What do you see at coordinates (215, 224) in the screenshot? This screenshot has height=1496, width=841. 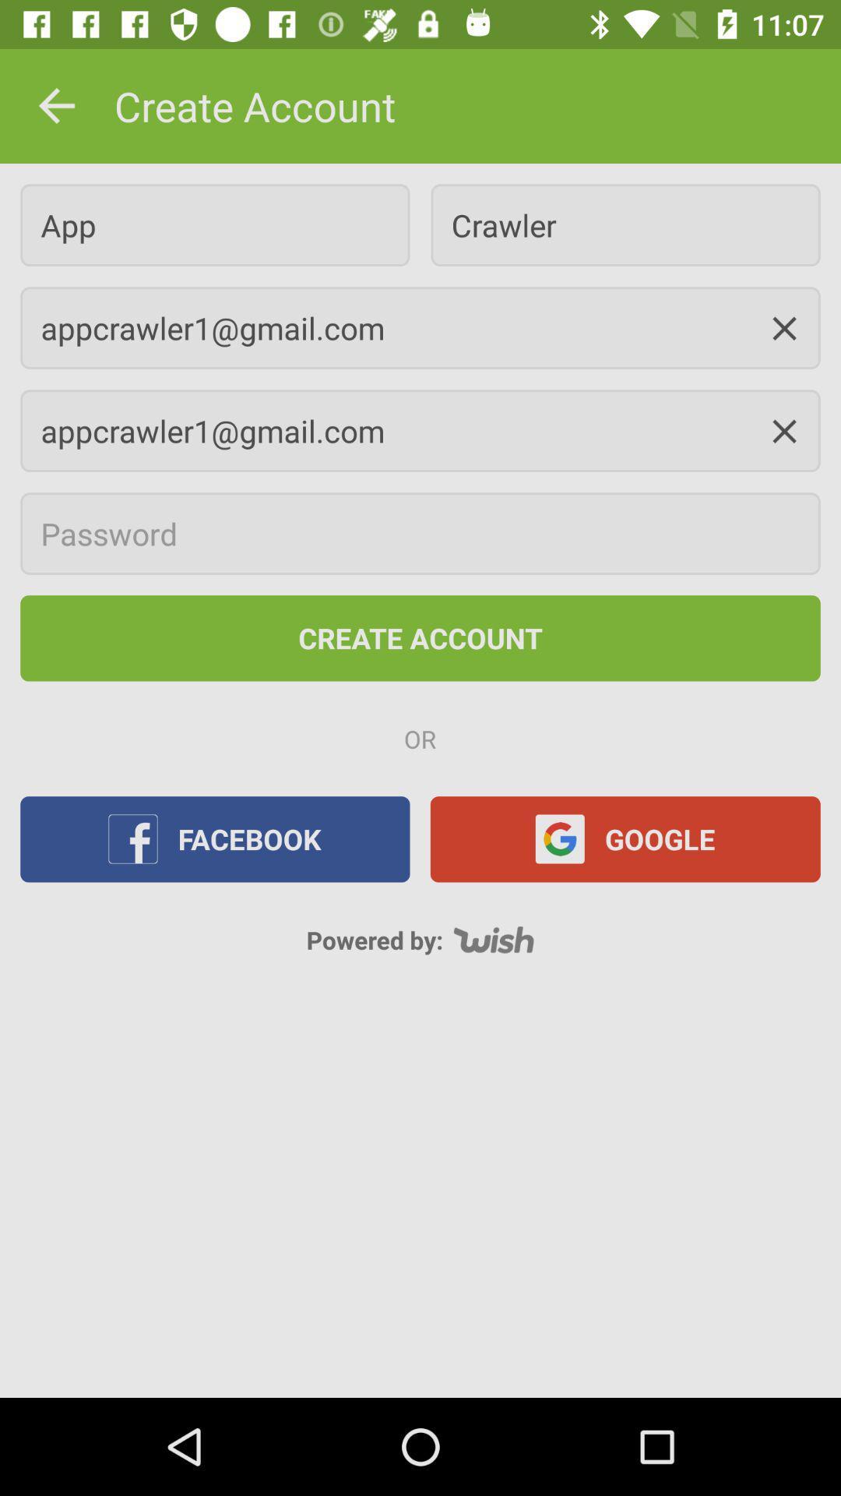 I see `item to the left of crawler icon` at bounding box center [215, 224].